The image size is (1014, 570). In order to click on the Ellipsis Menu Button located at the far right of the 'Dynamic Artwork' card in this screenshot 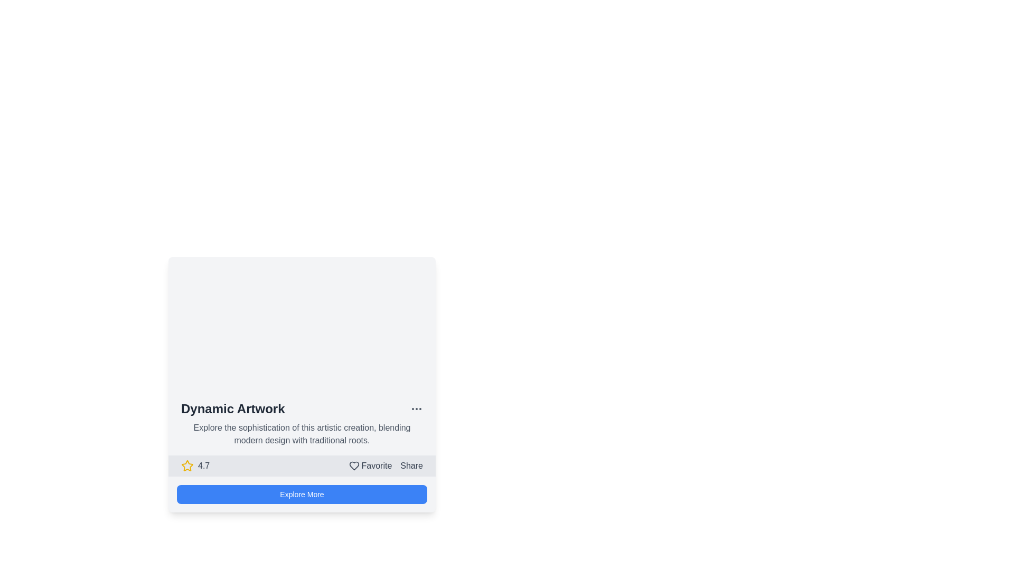, I will do `click(416, 408)`.